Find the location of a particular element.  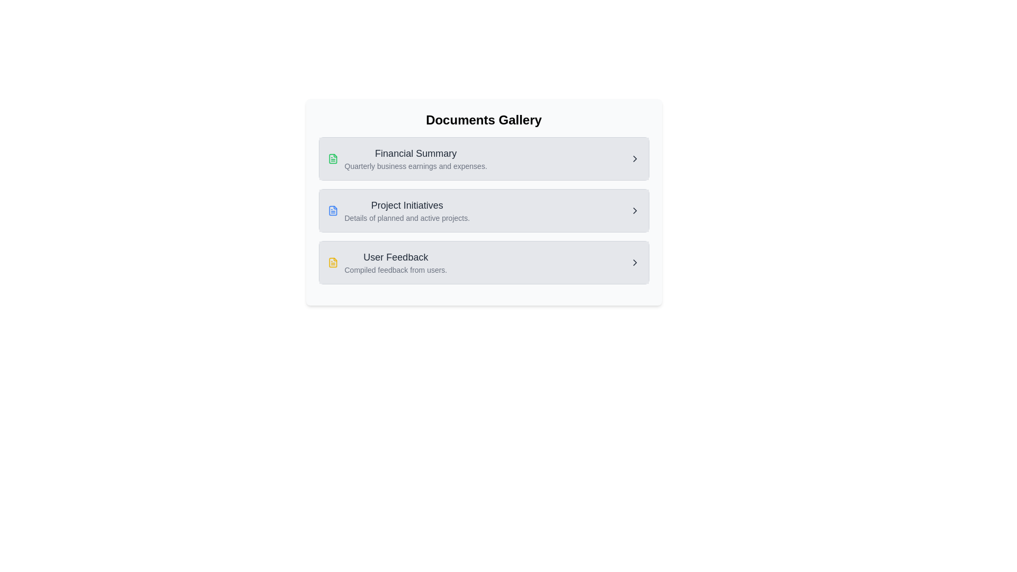

the navigation icon located on the extreme right side of the 'Financial Summary' section is located at coordinates (635, 159).